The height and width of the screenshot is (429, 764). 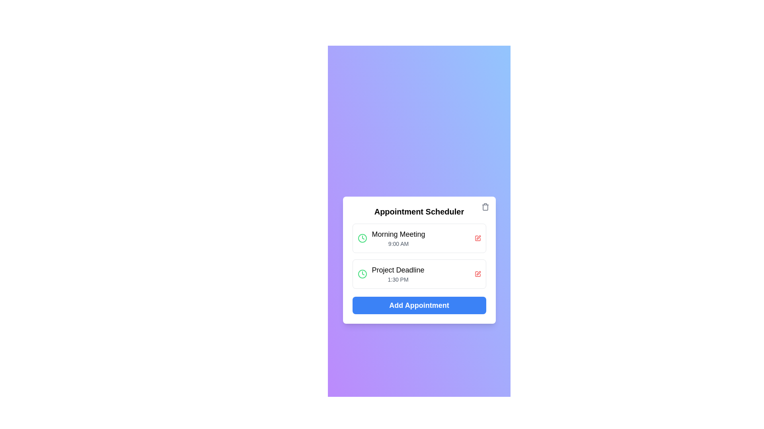 I want to click on text label displaying 'Project Deadline' located at the top of the second list item in the 'Appointment Scheduler' interface to understand the appointment title, so click(x=398, y=269).